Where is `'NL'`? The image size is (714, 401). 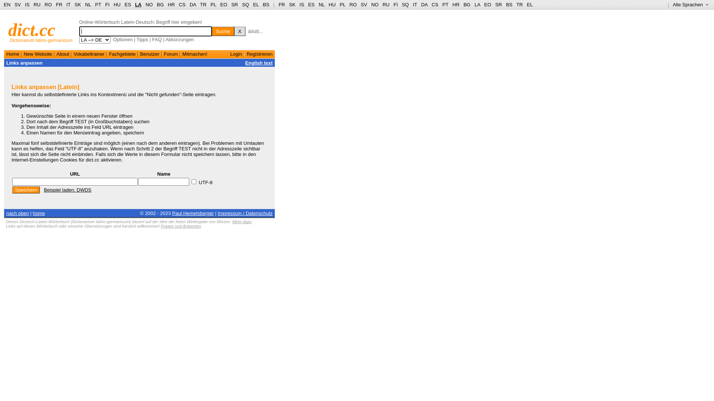 'NL' is located at coordinates (321, 4).